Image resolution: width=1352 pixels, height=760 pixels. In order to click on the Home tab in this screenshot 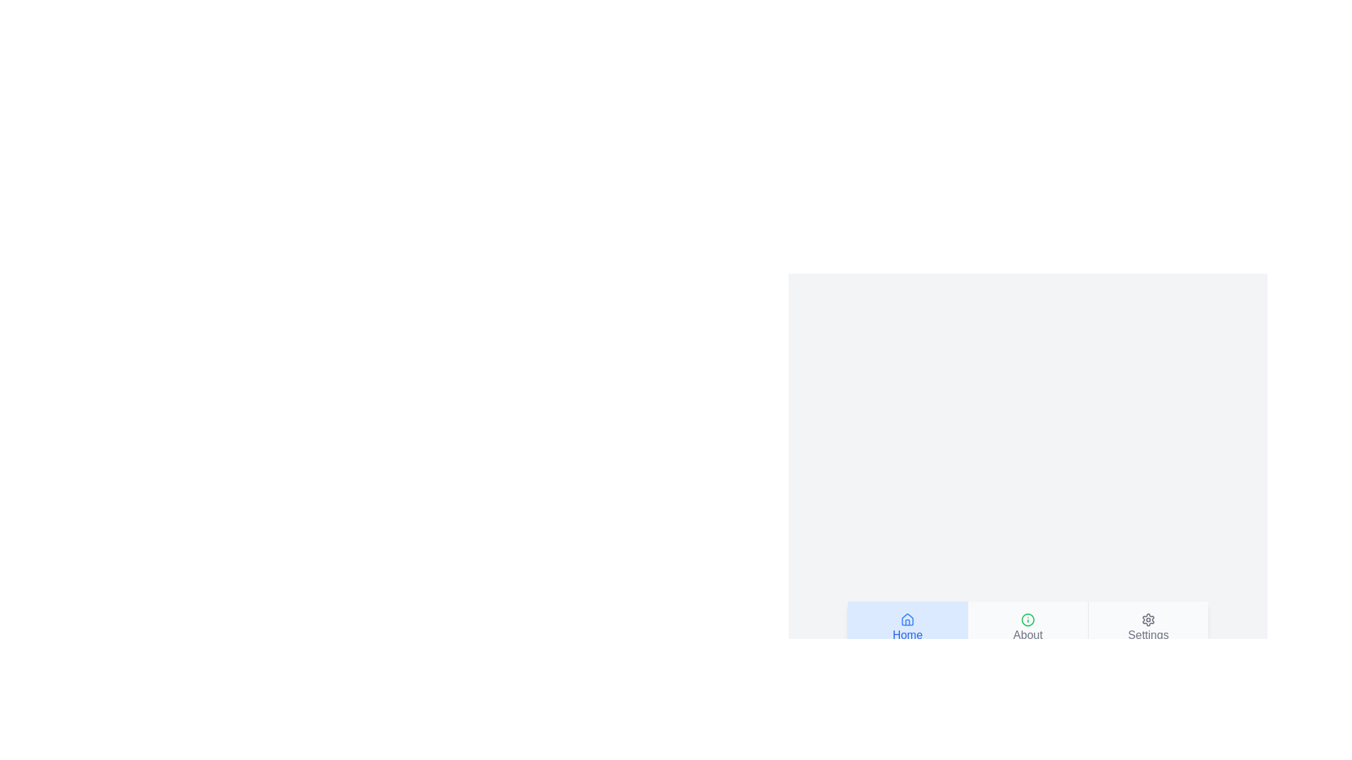, I will do `click(908, 627)`.